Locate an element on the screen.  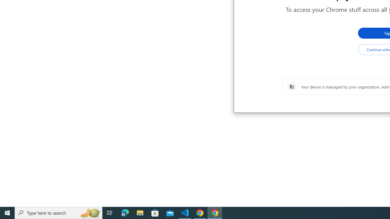
'Microsoft Edge' is located at coordinates (125, 212).